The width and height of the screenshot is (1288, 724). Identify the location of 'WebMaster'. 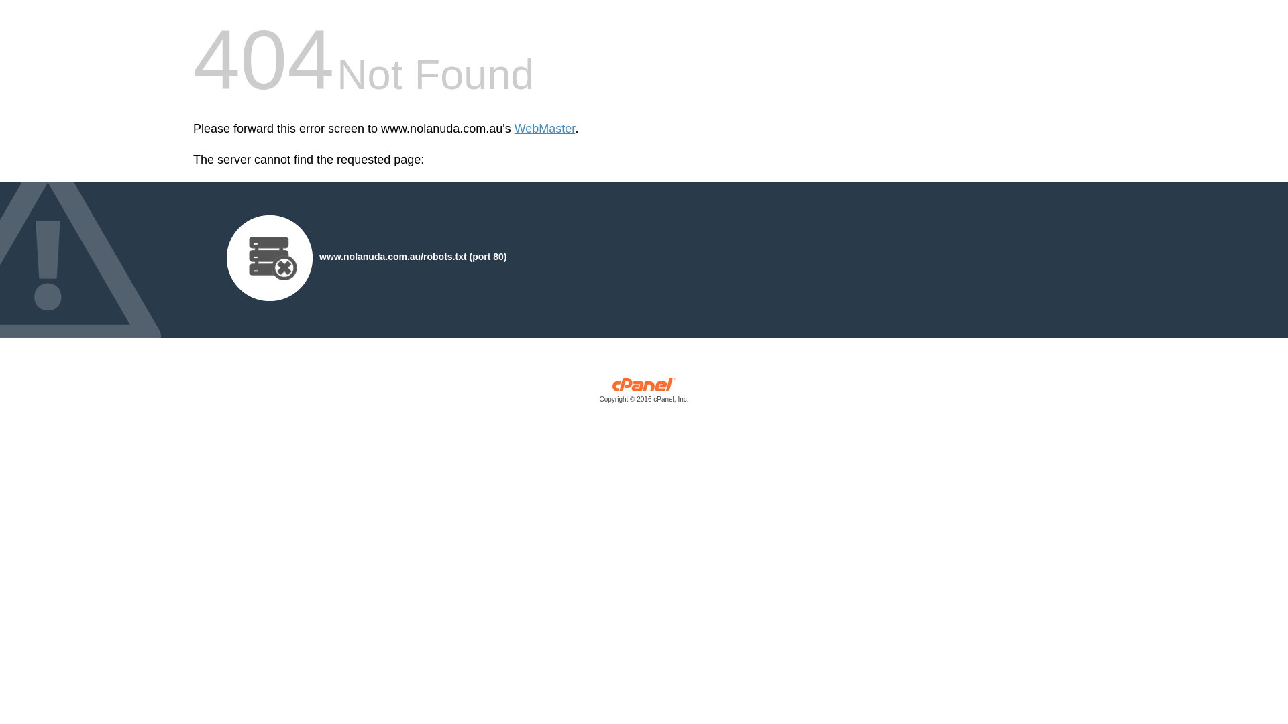
(545, 129).